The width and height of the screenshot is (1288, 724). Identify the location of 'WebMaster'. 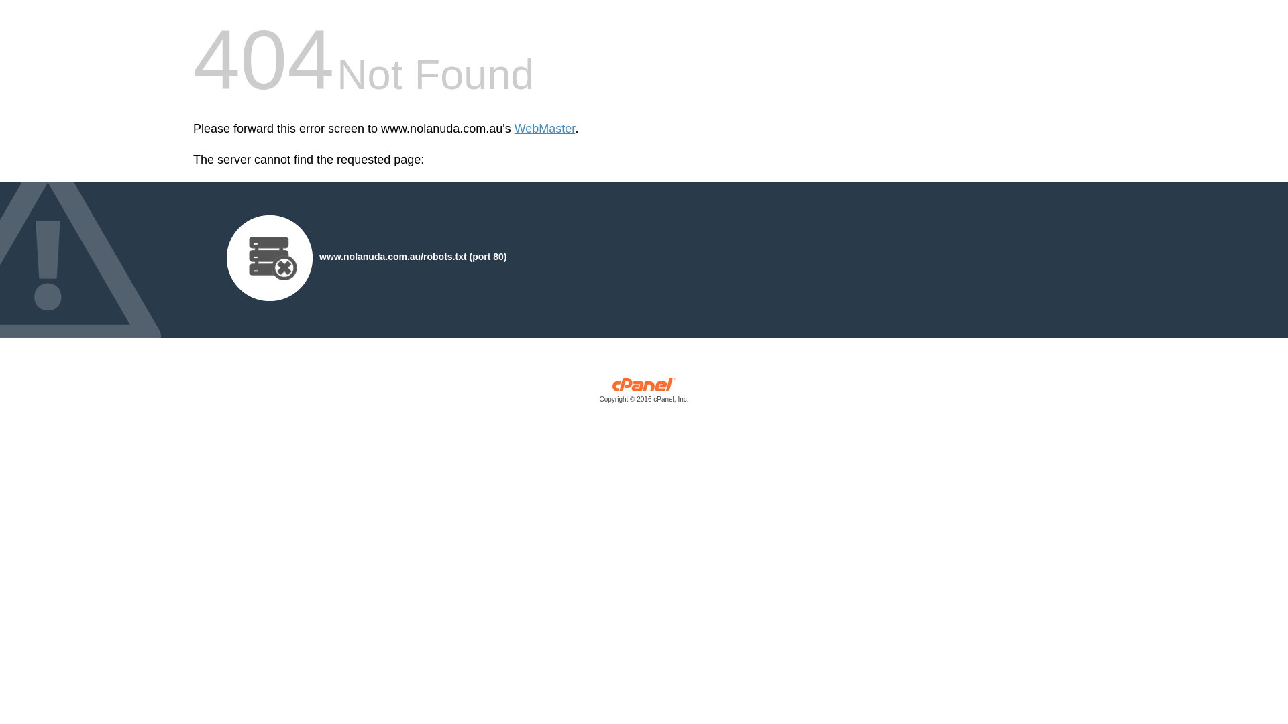
(545, 129).